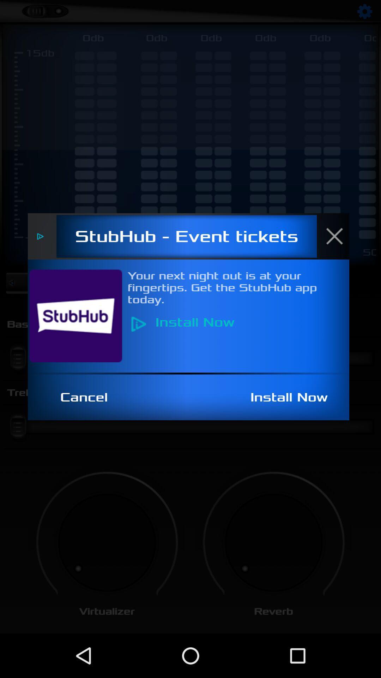 This screenshot has height=678, width=381. What do you see at coordinates (338, 236) in the screenshot?
I see `the item next to the stubhub - event tickets` at bounding box center [338, 236].